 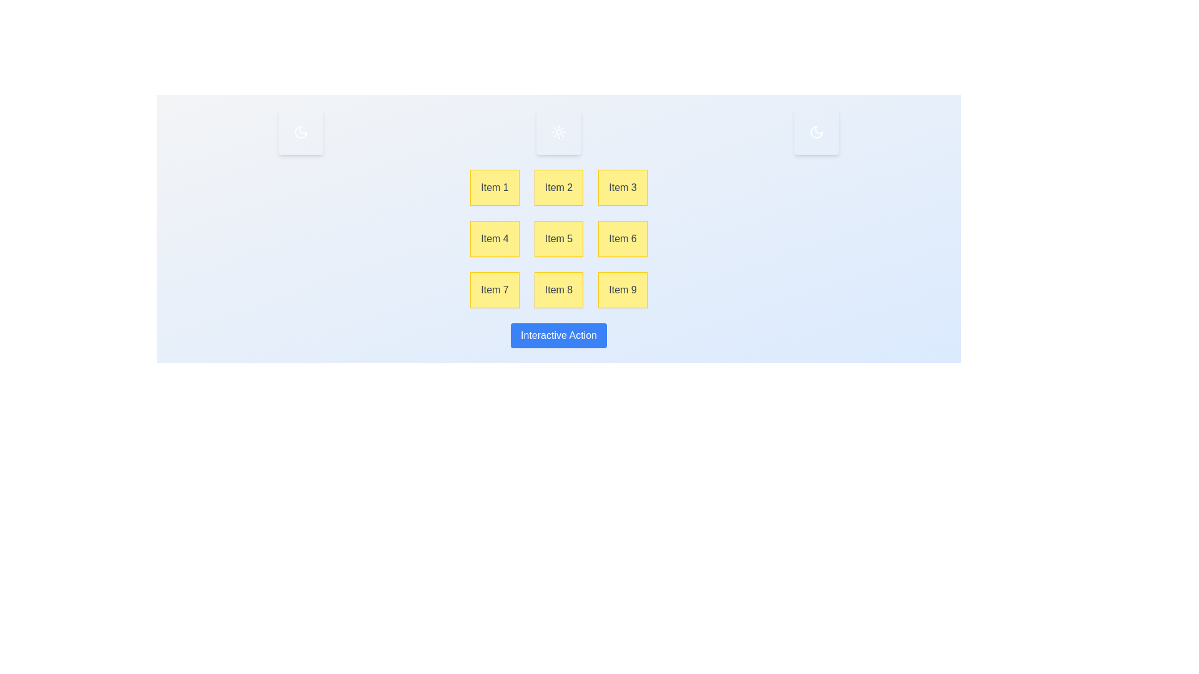 I want to click on the Text Label displaying 'Item 5' styled in gray color on a yellow background, located at the center of a 3x3 grid layout, so click(x=558, y=238).